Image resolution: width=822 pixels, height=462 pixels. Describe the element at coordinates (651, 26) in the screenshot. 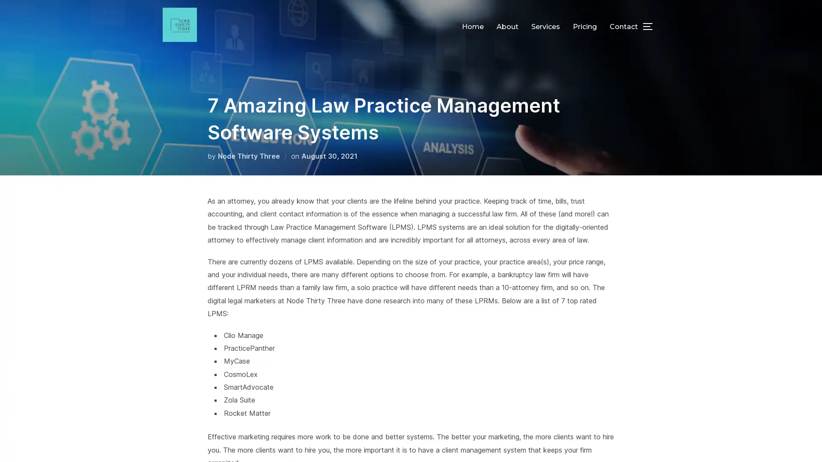

I see `TOGGLE SIDEBAR & NAVIGATION` at that location.